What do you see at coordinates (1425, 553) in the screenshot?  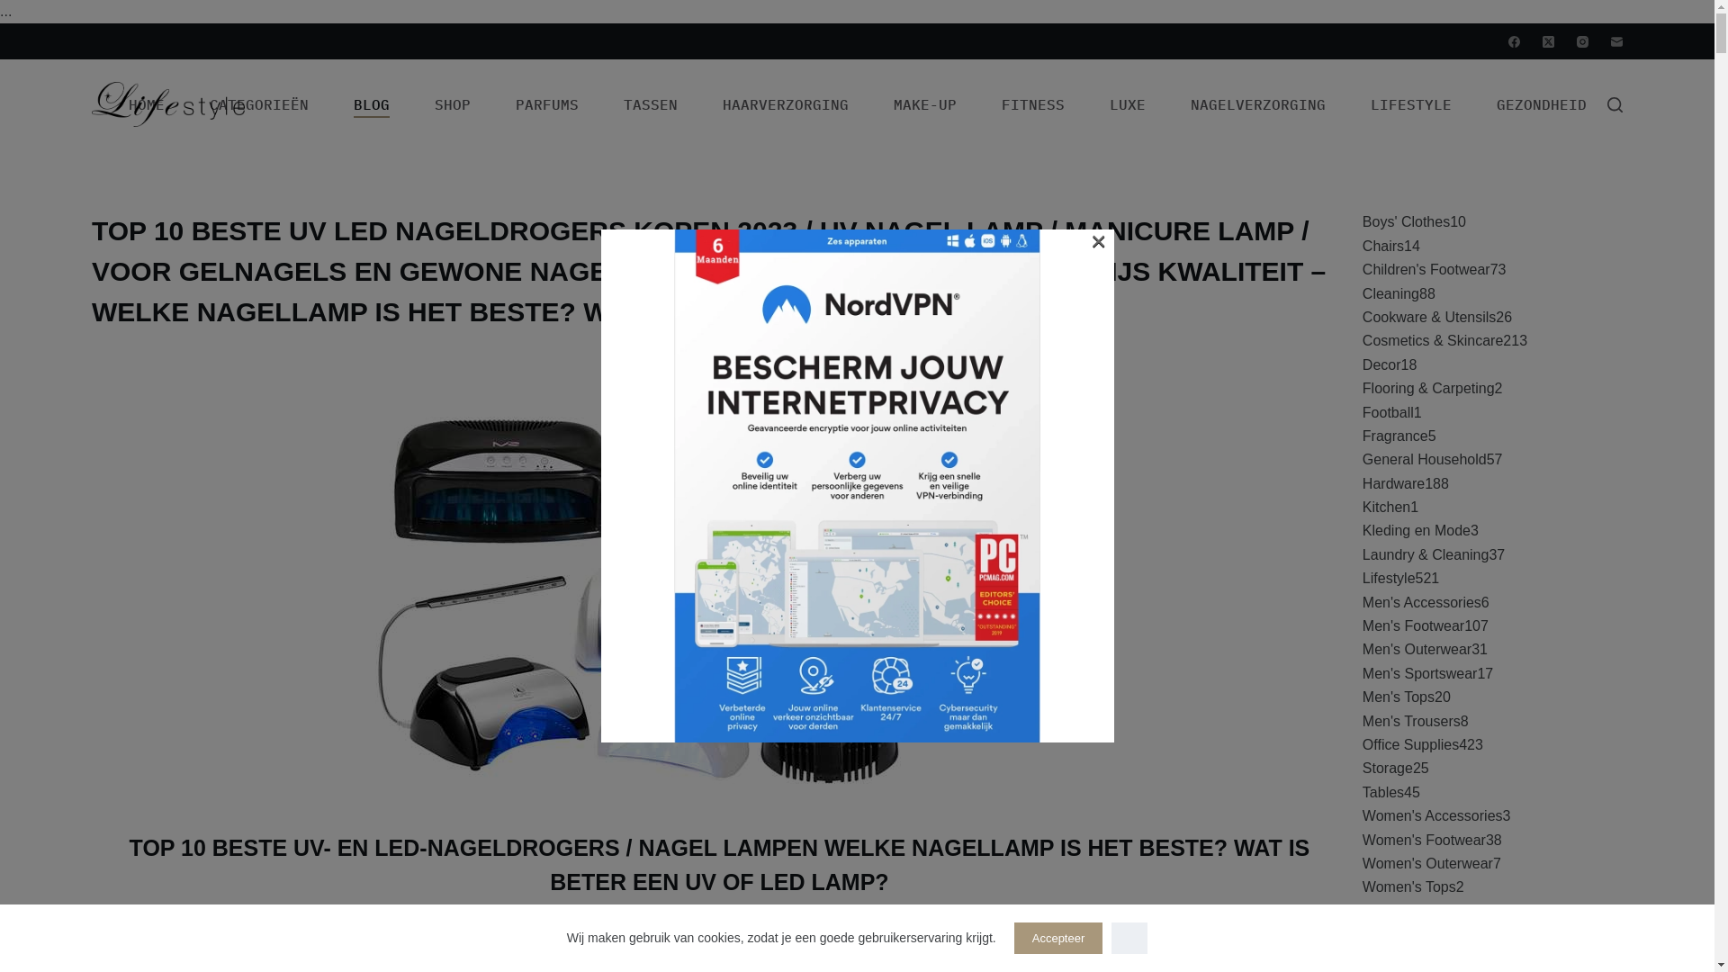 I see `'Laundry & Cleaning'` at bounding box center [1425, 553].